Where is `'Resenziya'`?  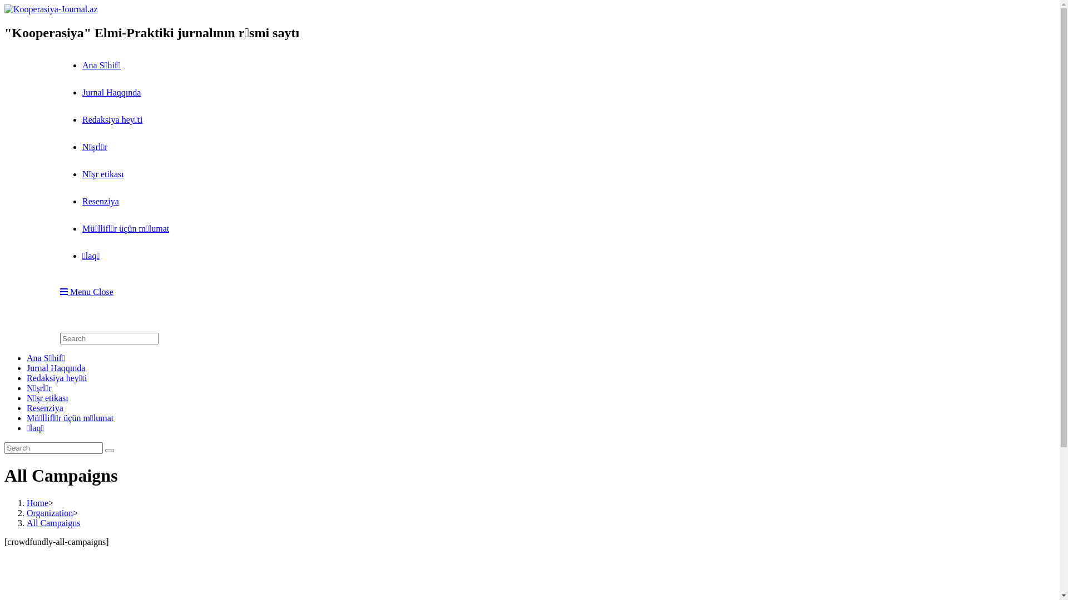
'Resenziya' is located at coordinates (82, 201).